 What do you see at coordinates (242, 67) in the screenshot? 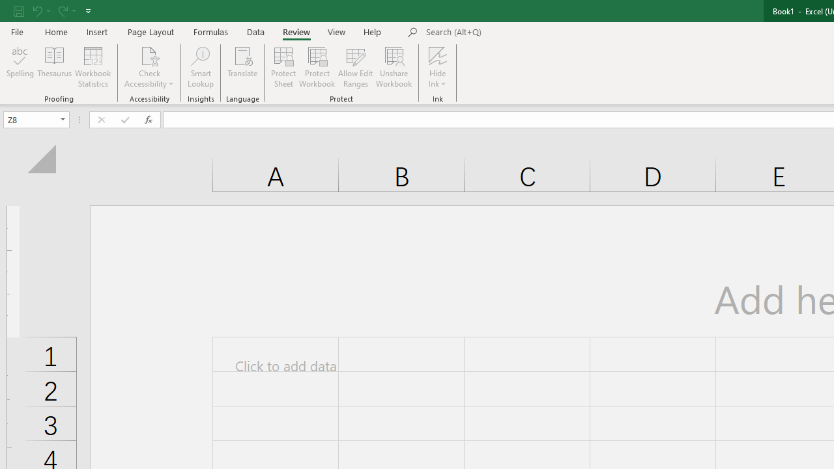
I see `'Translate'` at bounding box center [242, 67].